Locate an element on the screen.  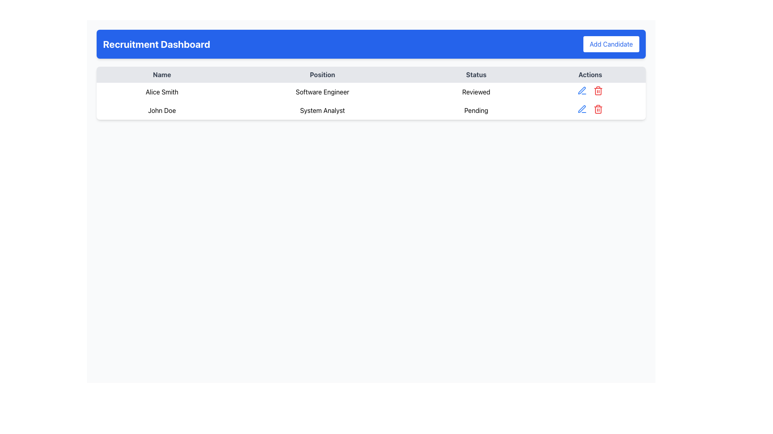
the text label displaying the name 'John Doe' in the recruitment dashboard, located in the second row of the table under the 'Name' header is located at coordinates (161, 110).